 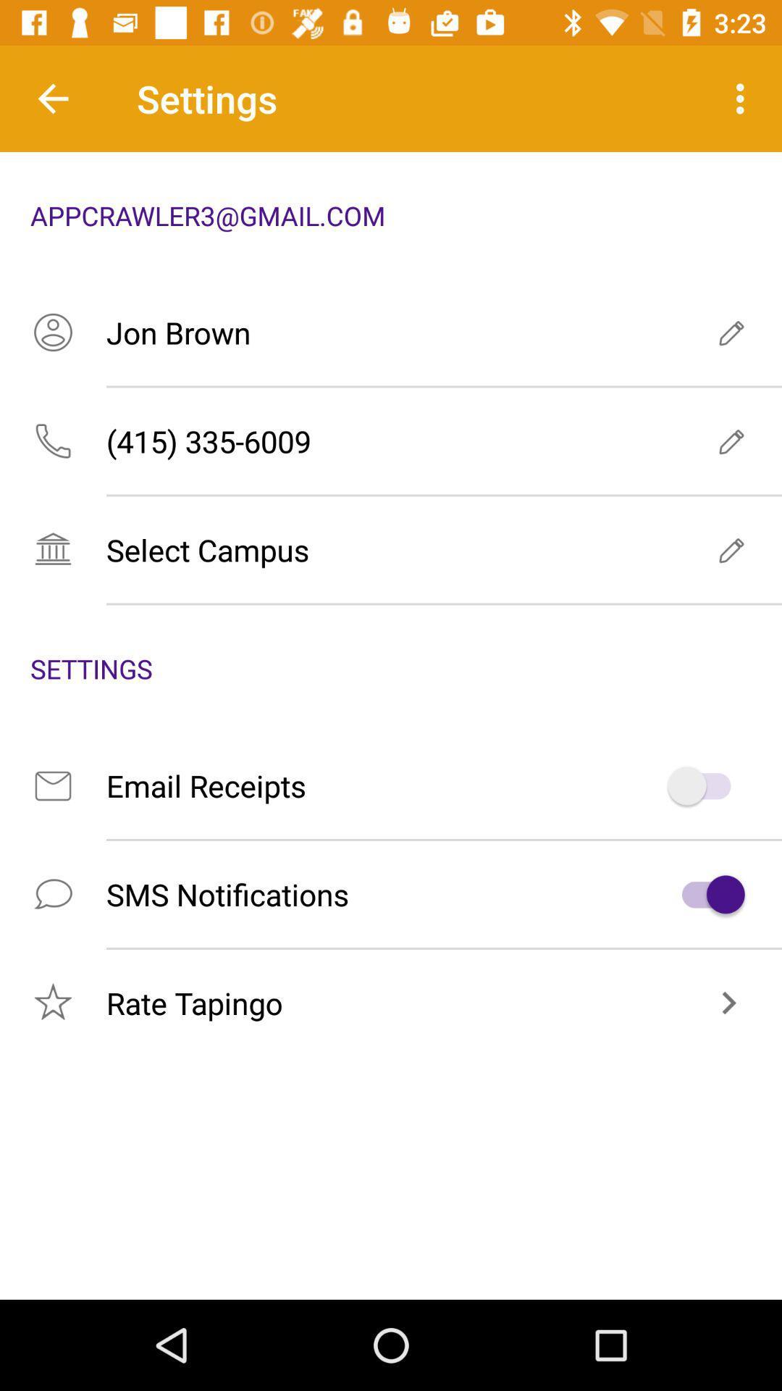 I want to click on the icon above (415) 335-6009 item, so click(x=391, y=332).